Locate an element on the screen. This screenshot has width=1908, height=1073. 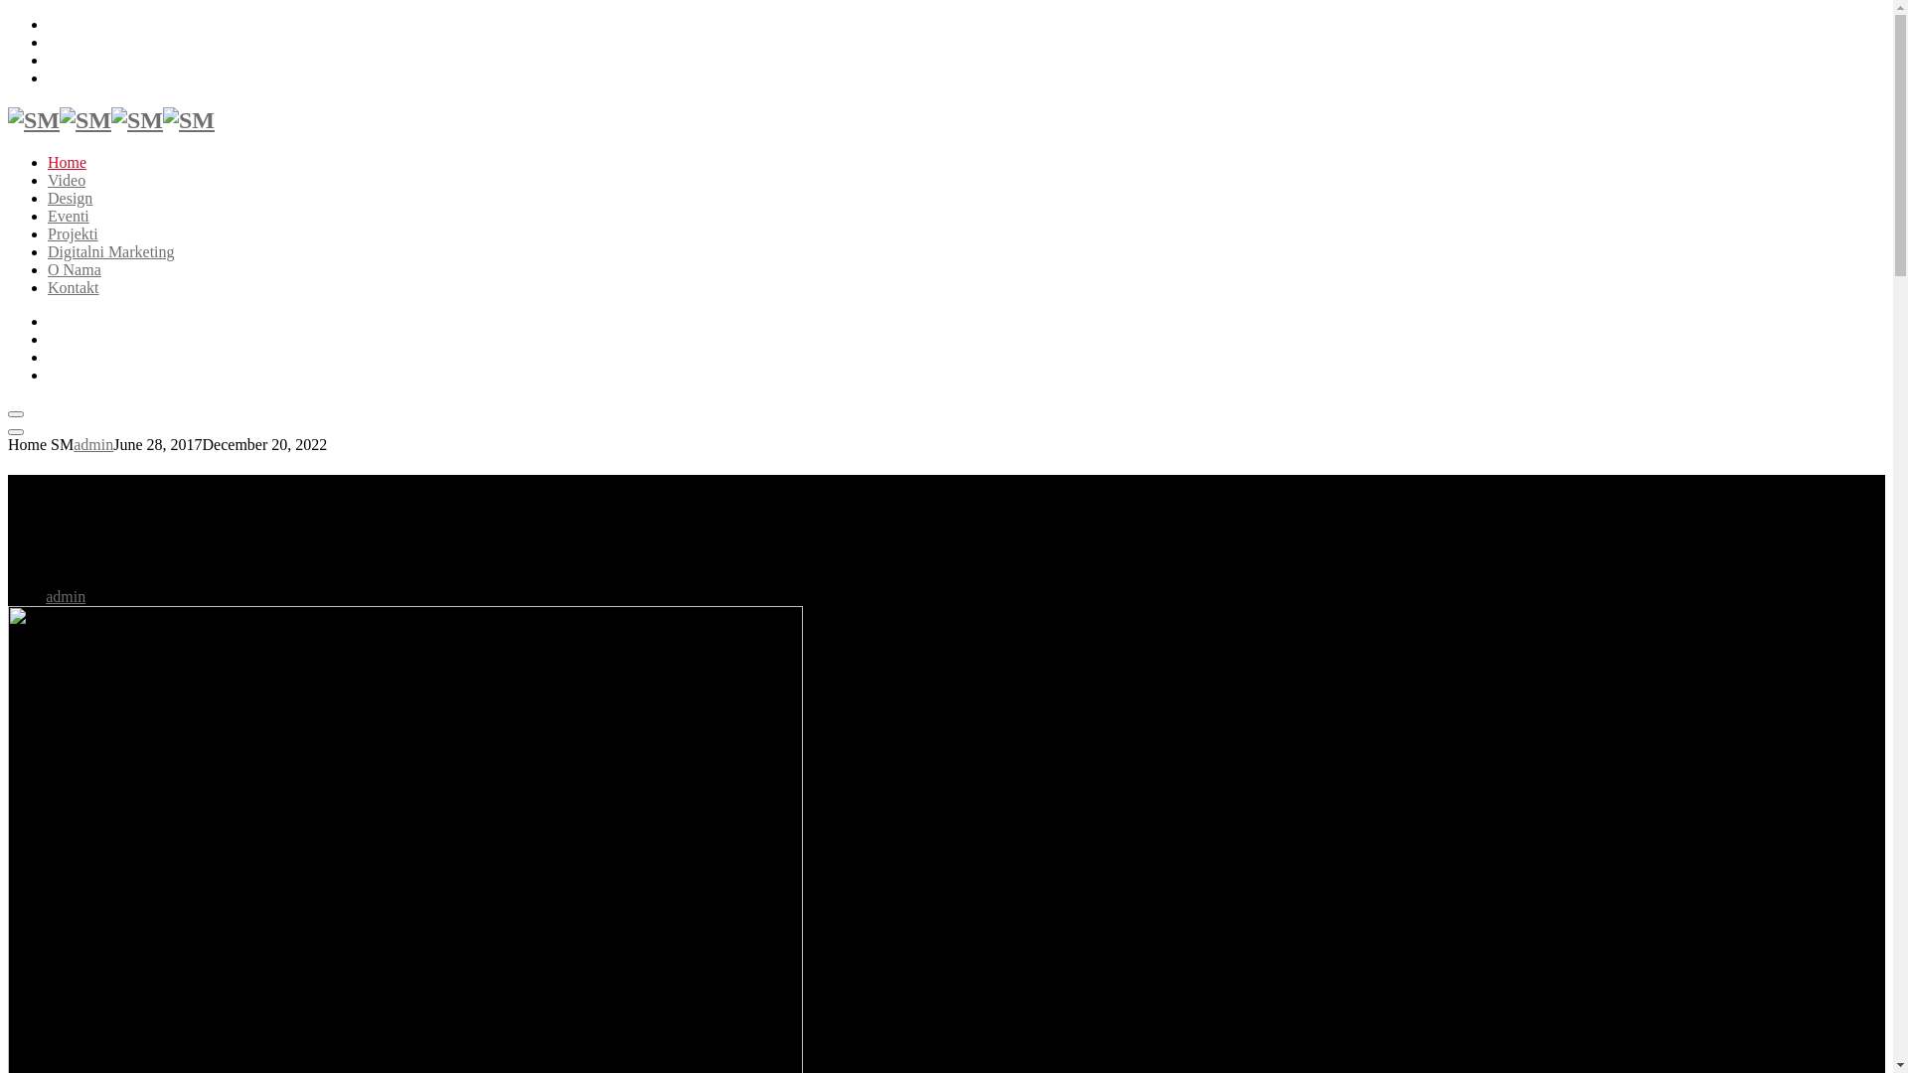
'admin' is located at coordinates (66, 595).